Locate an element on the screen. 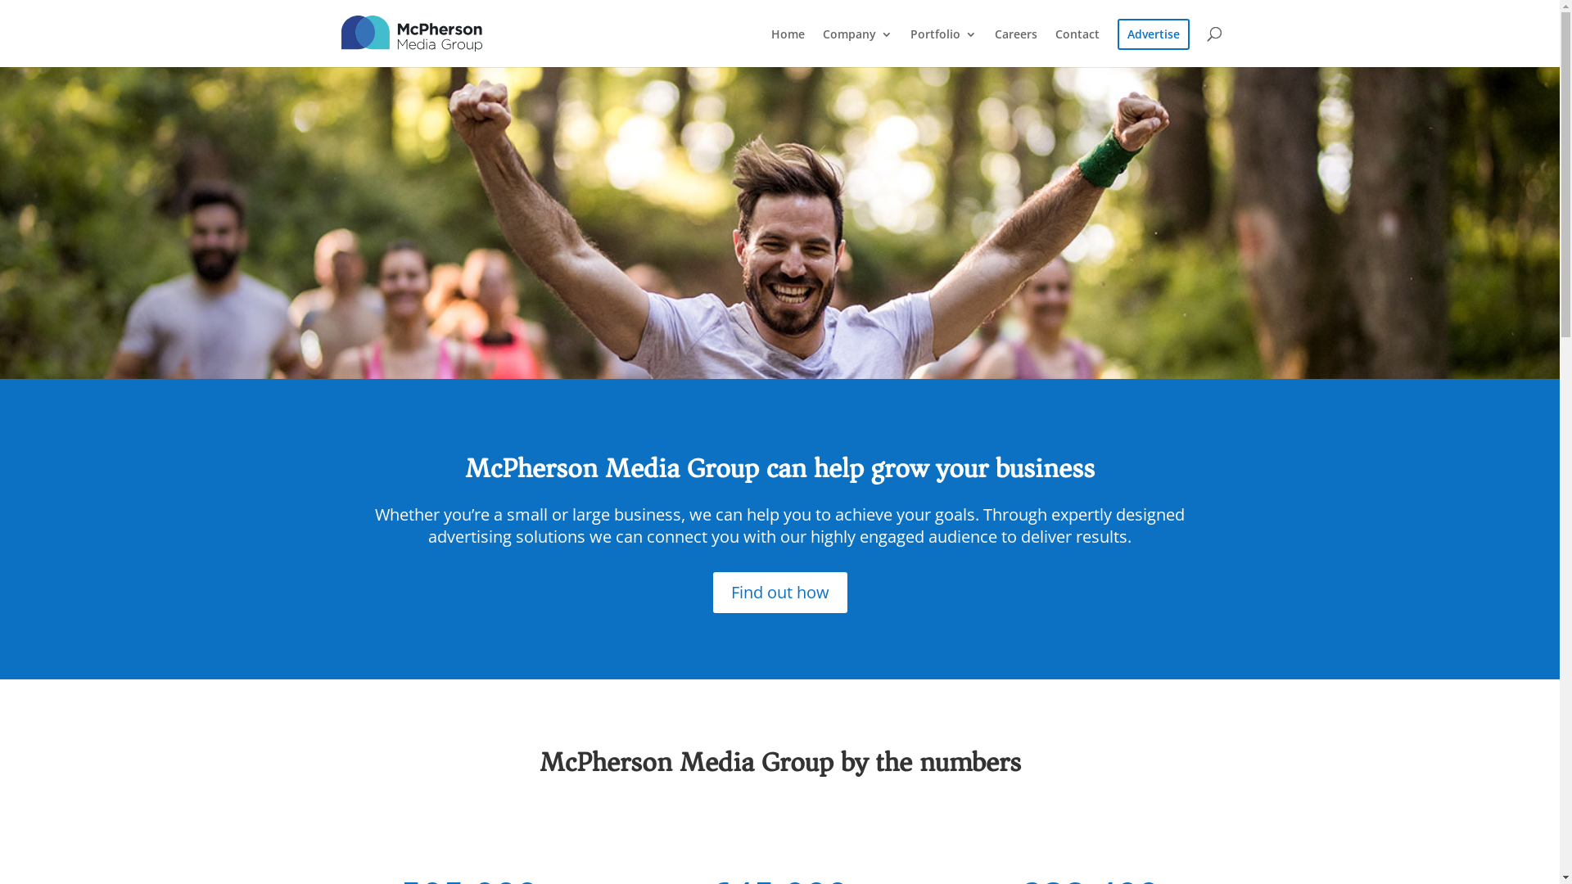  'Company' is located at coordinates (856, 47).